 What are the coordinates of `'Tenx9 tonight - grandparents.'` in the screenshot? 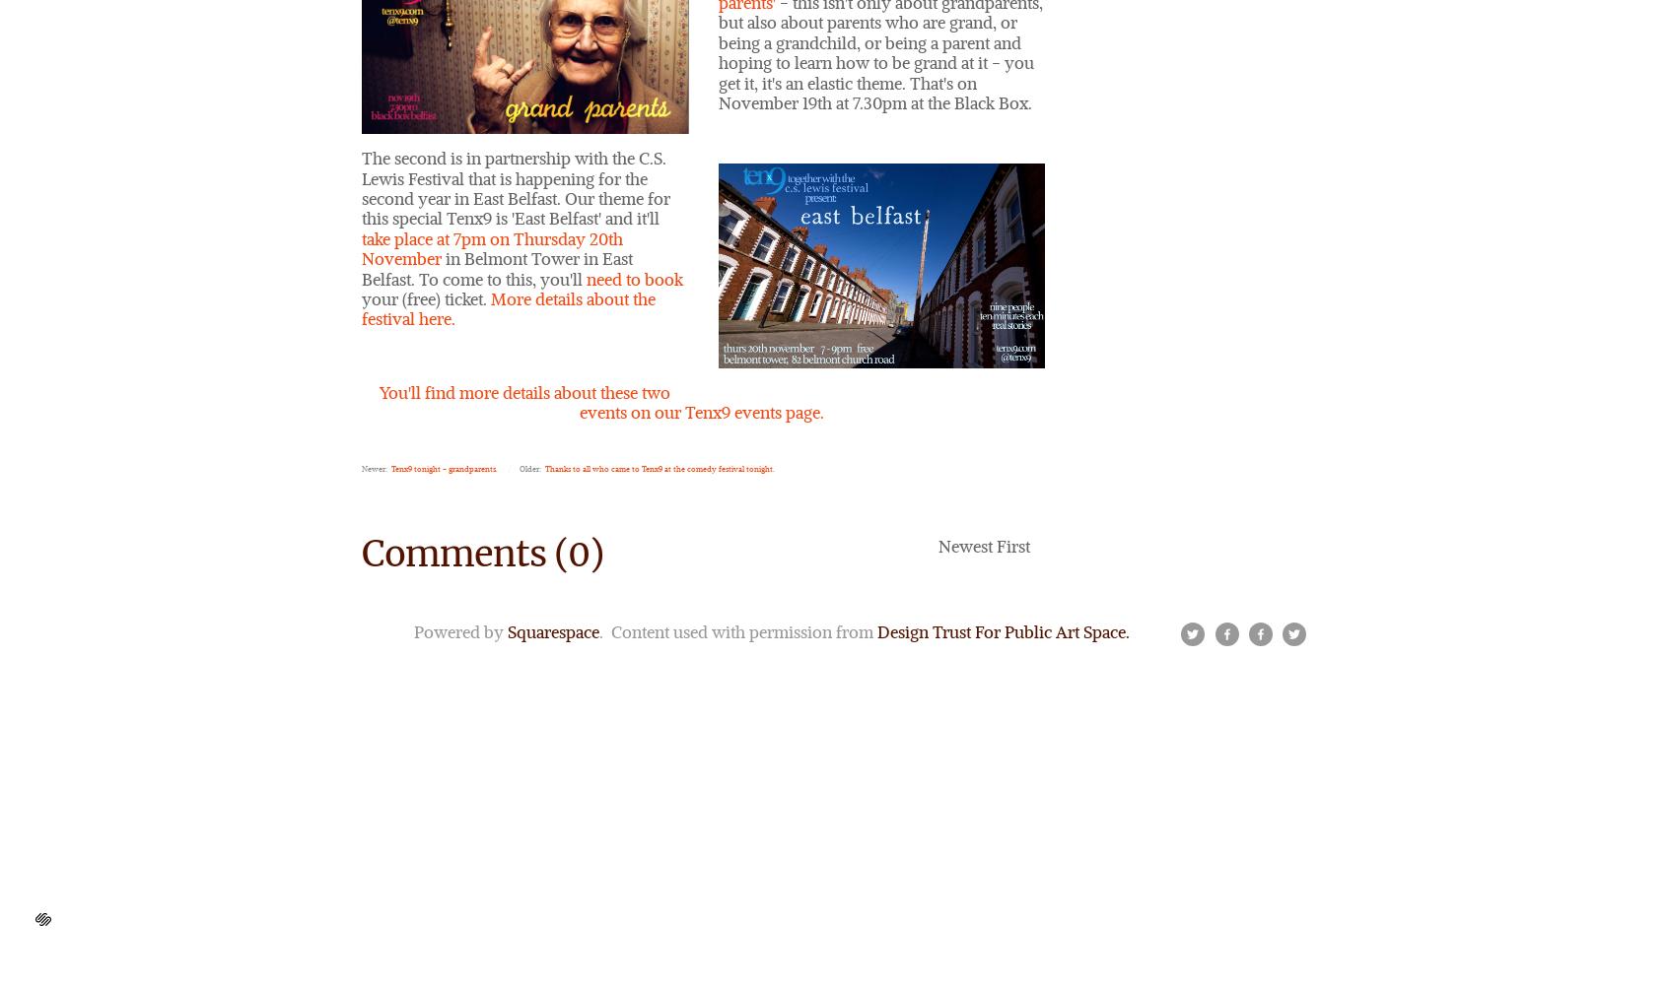 It's located at (444, 467).